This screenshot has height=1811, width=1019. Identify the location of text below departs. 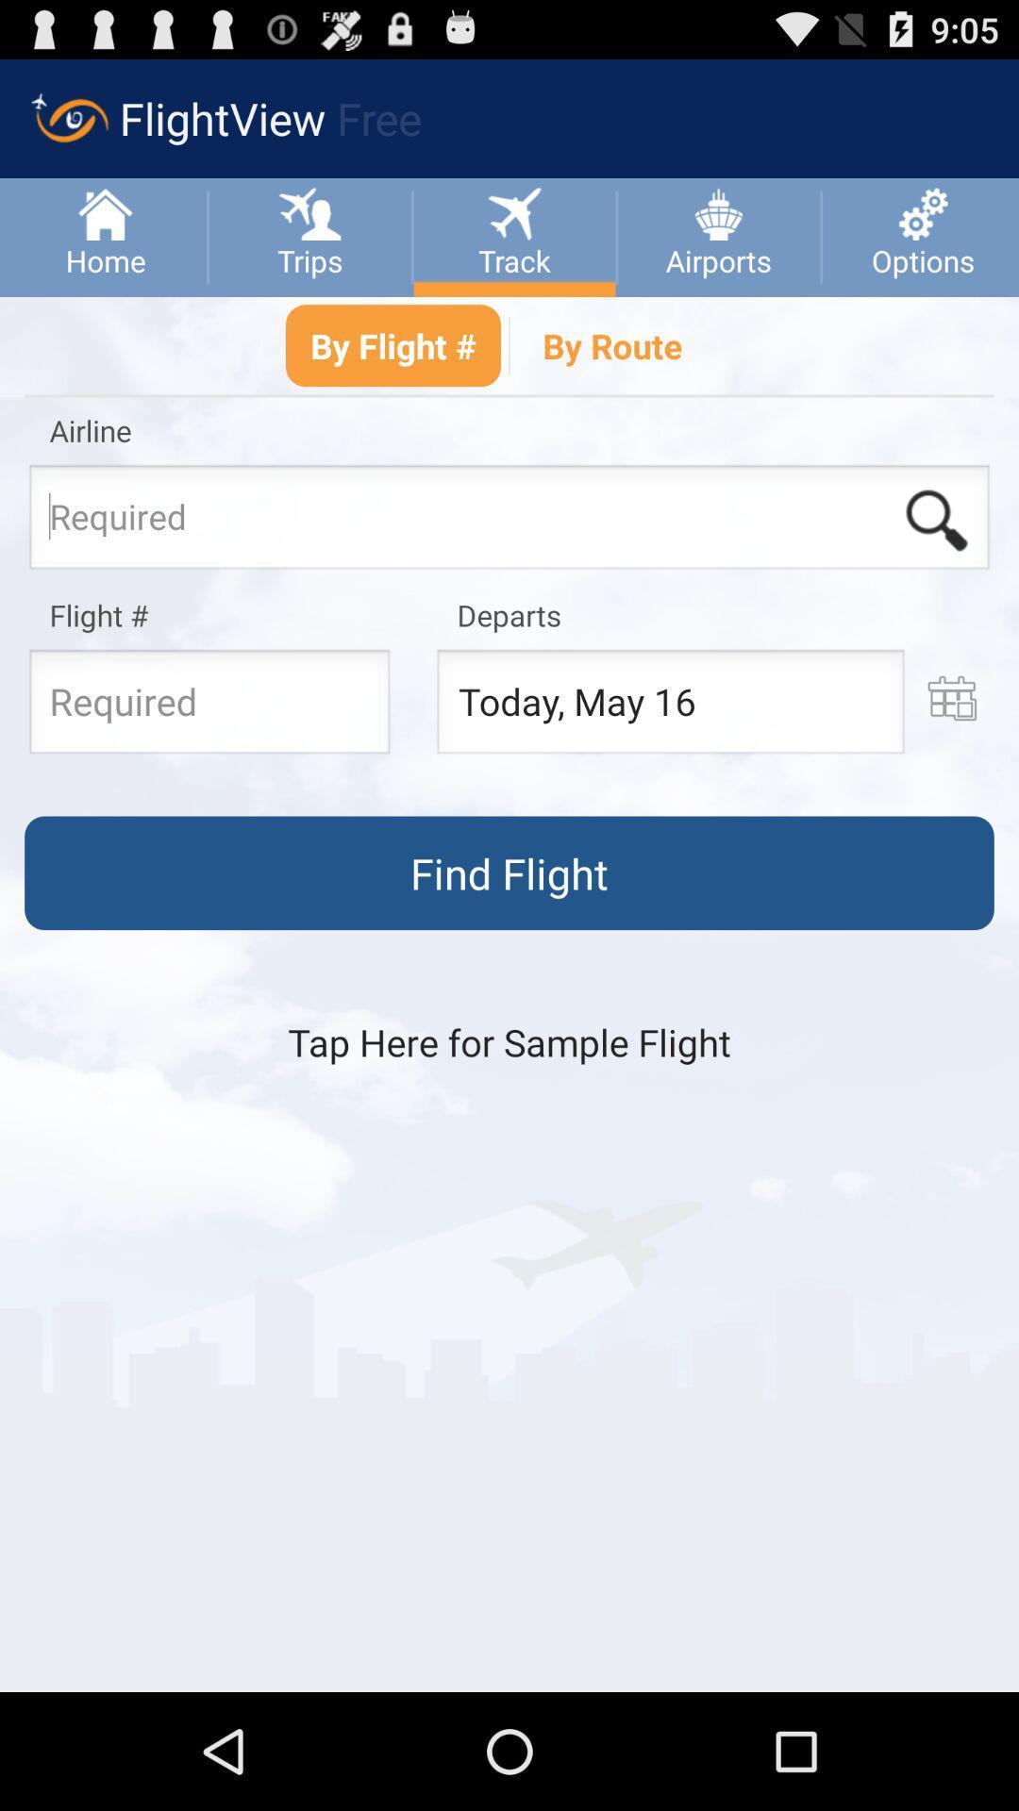
(669, 706).